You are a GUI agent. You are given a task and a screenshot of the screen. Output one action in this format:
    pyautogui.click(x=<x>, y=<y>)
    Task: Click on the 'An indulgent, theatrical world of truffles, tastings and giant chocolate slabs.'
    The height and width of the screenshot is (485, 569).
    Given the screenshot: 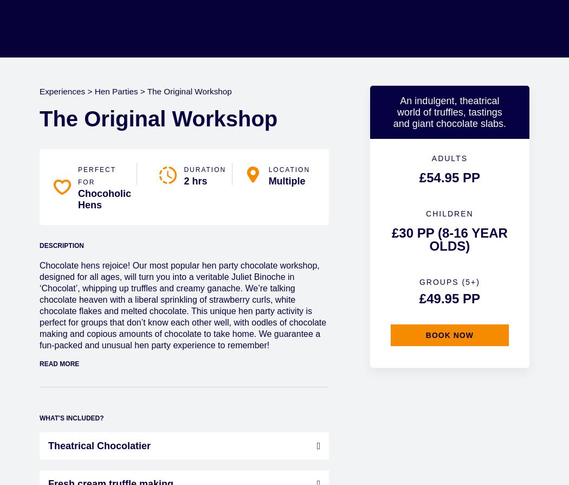 What is the action you would take?
    pyautogui.click(x=449, y=111)
    